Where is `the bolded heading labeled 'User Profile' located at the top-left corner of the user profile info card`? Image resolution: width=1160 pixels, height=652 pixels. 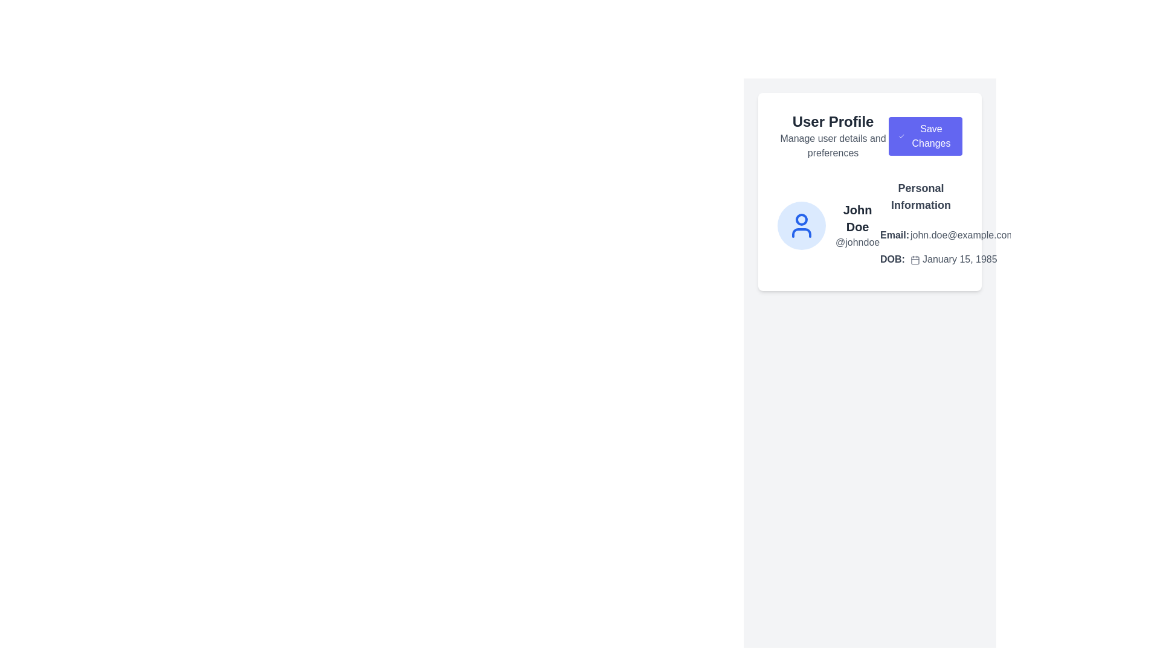 the bolded heading labeled 'User Profile' located at the top-left corner of the user profile info card is located at coordinates (833, 121).